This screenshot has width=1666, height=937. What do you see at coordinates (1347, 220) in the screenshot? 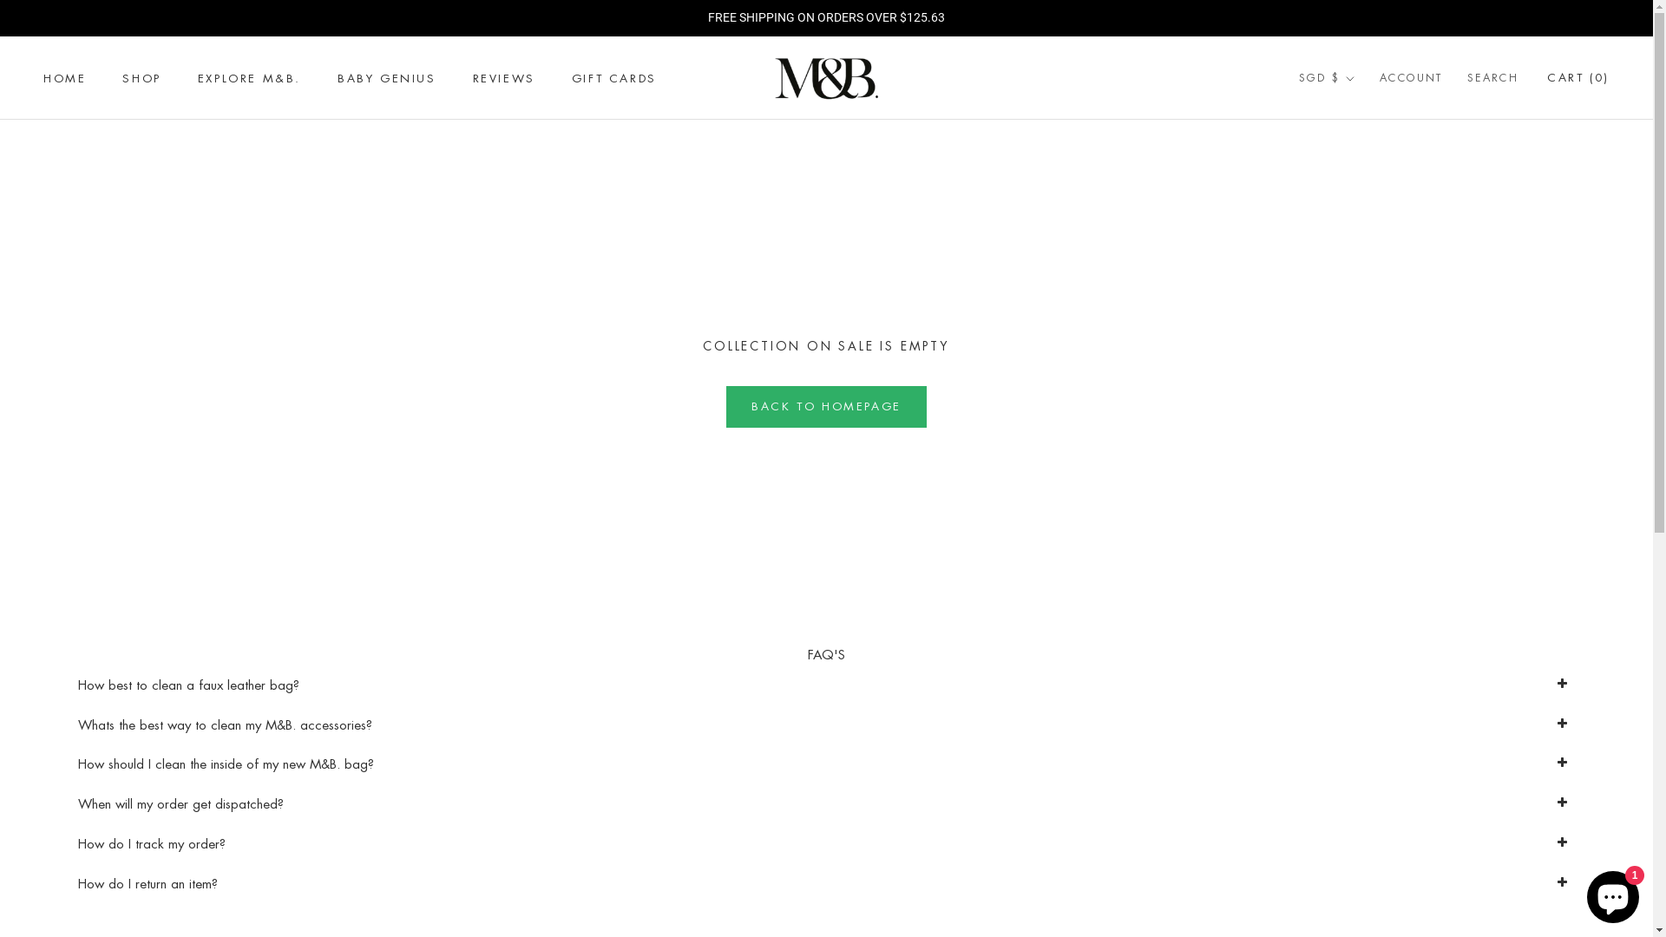
I see `'JPY'` at bounding box center [1347, 220].